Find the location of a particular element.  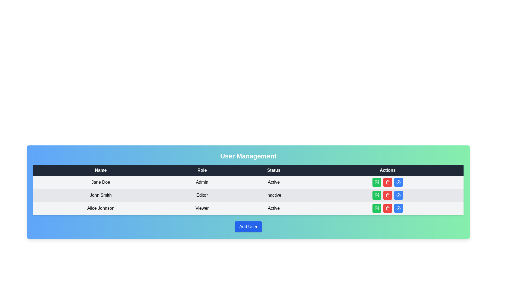

the pen icon button located in the 'Actions' column of the second row in the User Management table to initiate editing is located at coordinates (377, 194).